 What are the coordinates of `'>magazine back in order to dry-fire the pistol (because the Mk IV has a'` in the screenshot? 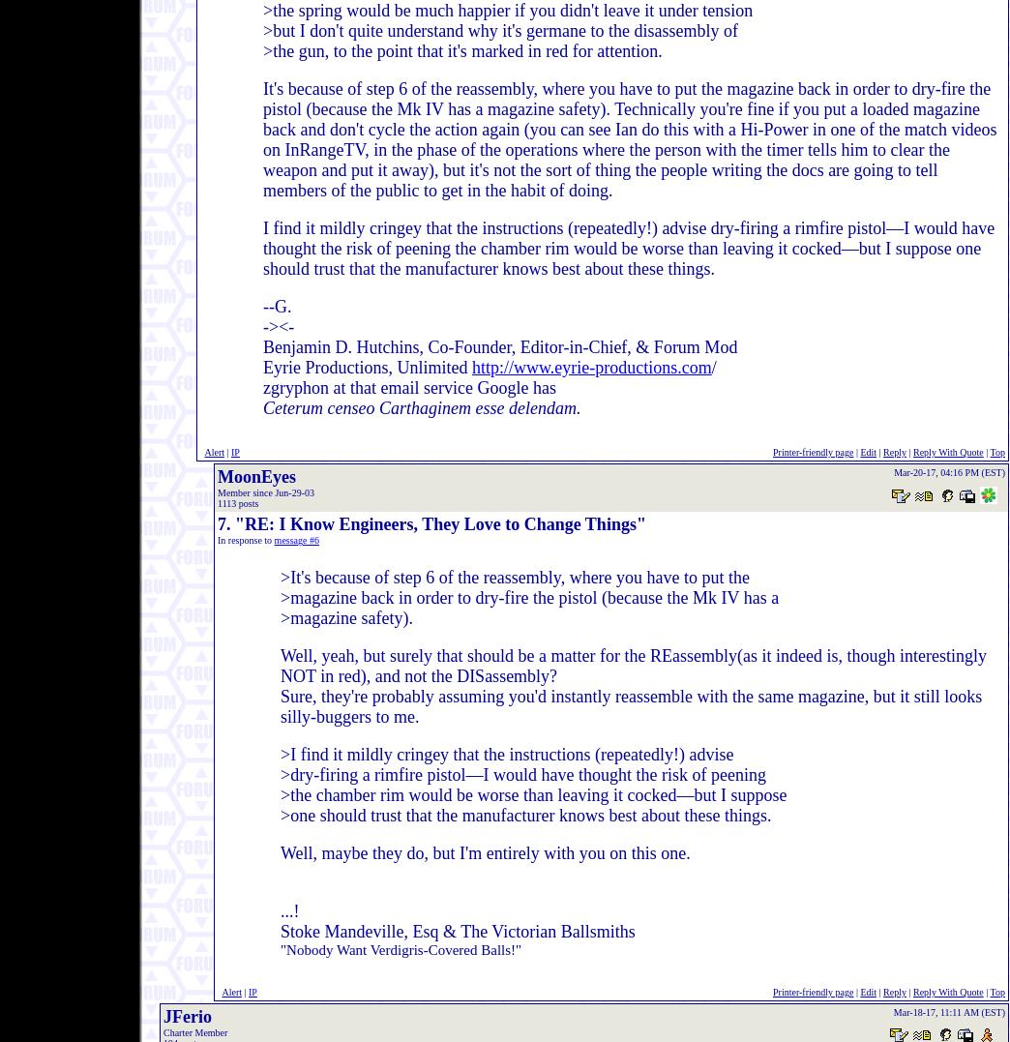 It's located at (528, 596).